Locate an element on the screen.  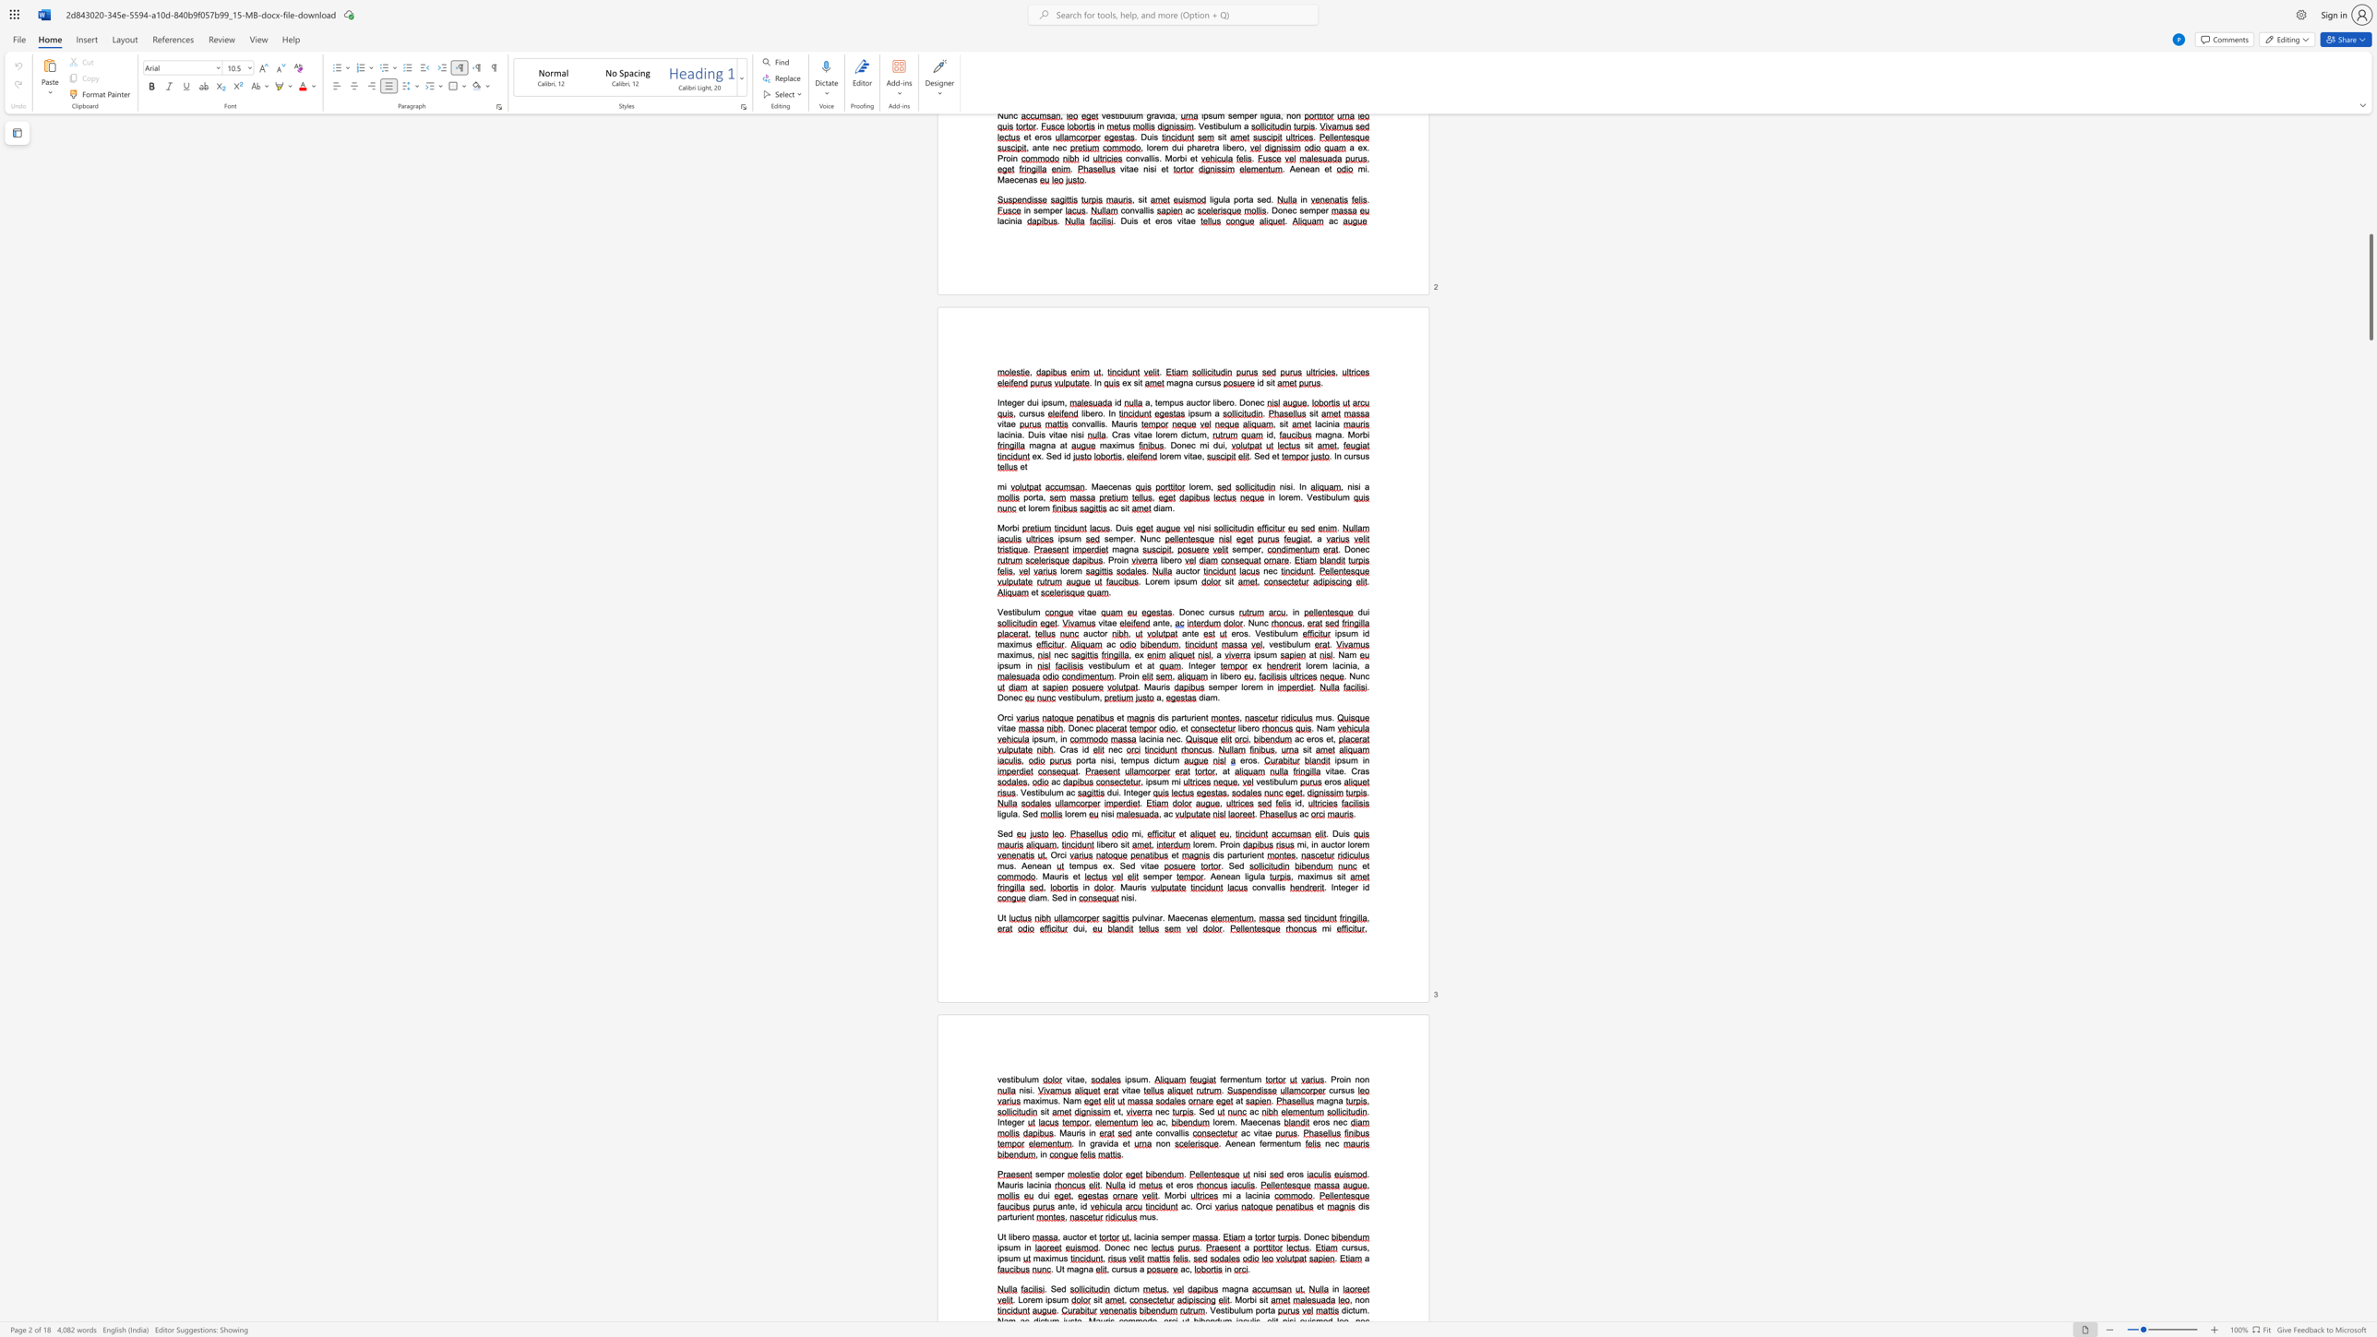
the space between the continuous character "m" and "i" in the text is located at coordinates (1177, 782).